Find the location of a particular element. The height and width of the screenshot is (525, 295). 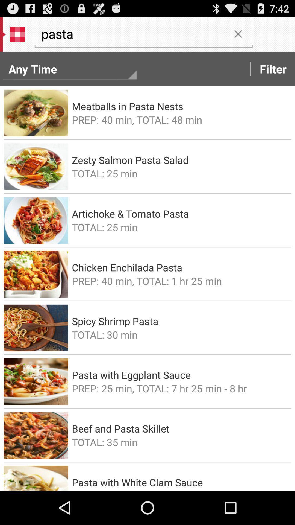

the icon above total: 30 min is located at coordinates (180, 321).